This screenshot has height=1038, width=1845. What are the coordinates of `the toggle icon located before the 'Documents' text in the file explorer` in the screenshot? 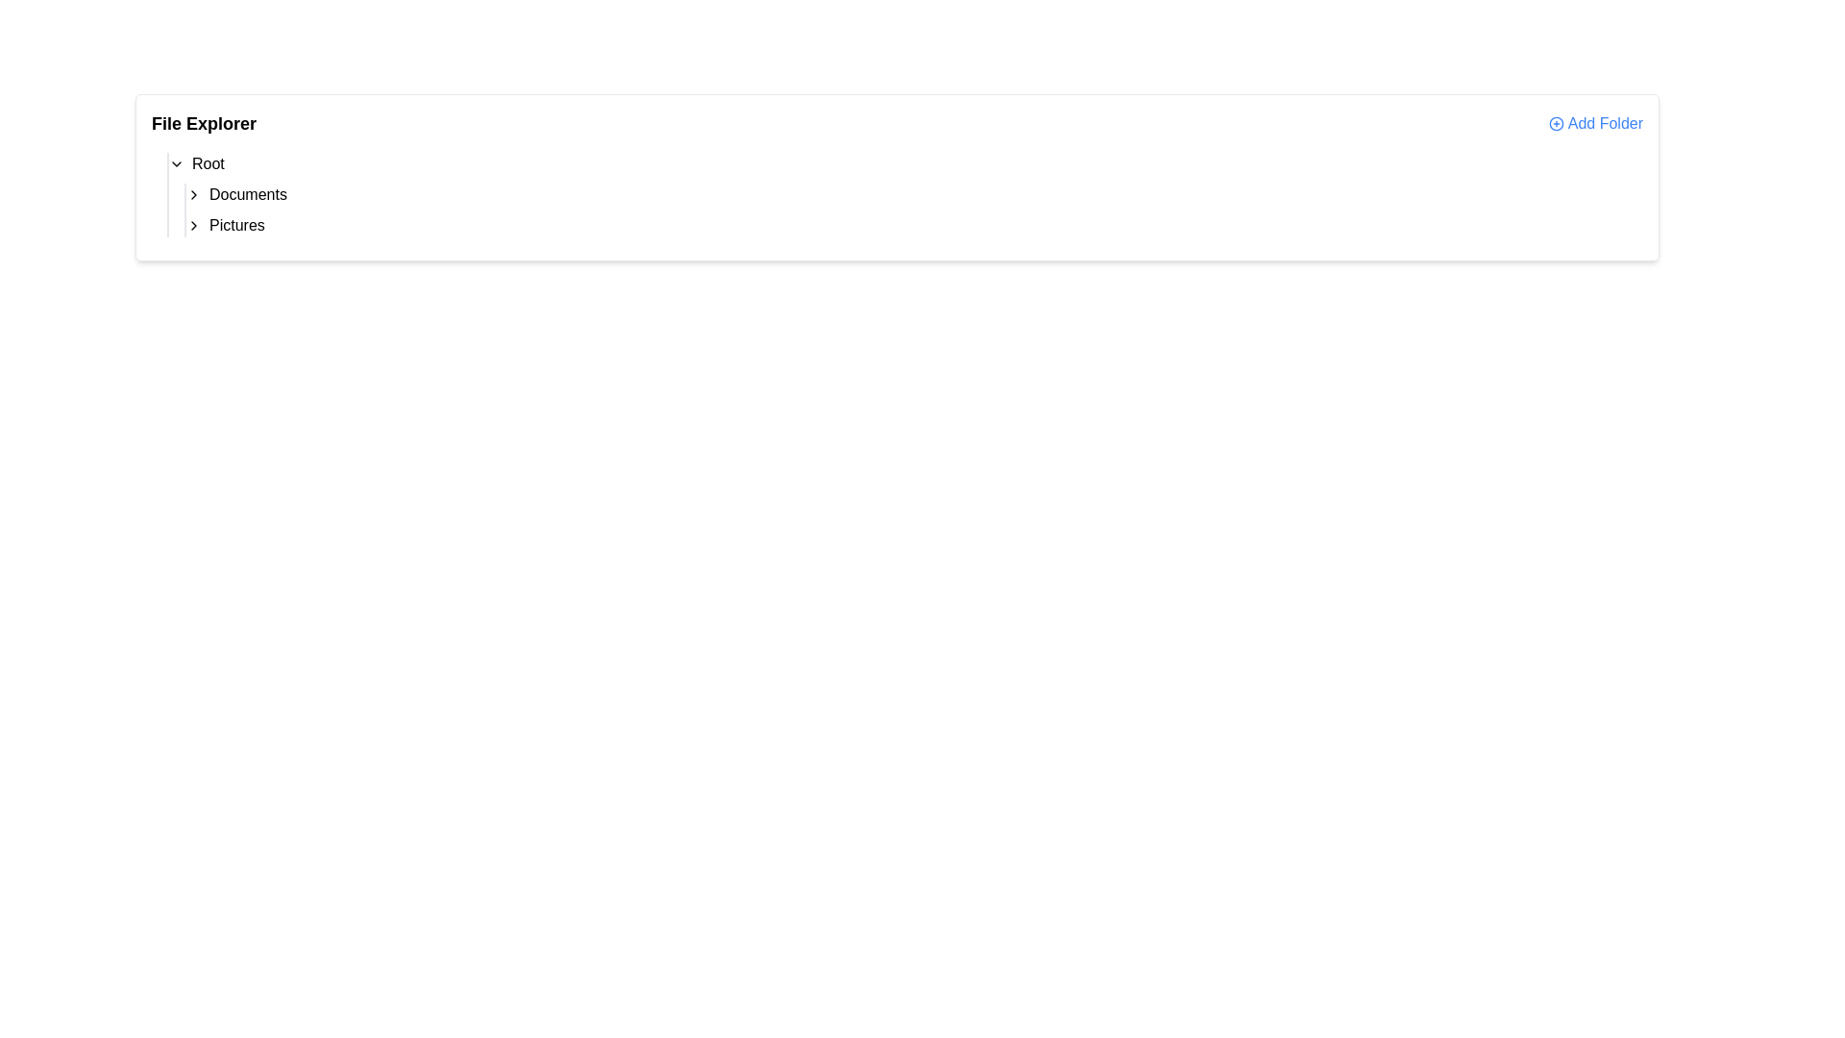 It's located at (193, 195).